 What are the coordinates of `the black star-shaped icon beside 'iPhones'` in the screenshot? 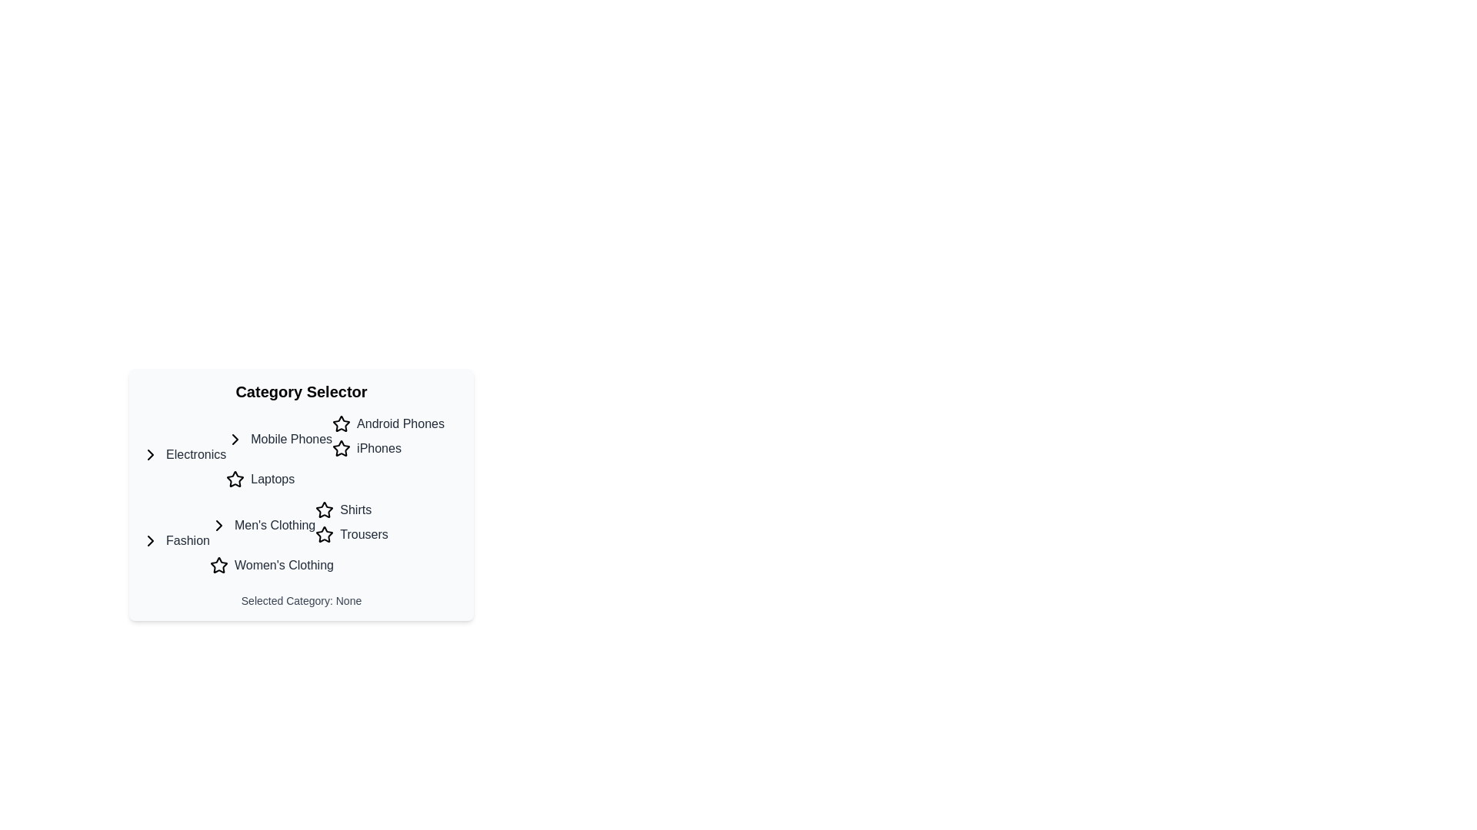 It's located at (341, 448).